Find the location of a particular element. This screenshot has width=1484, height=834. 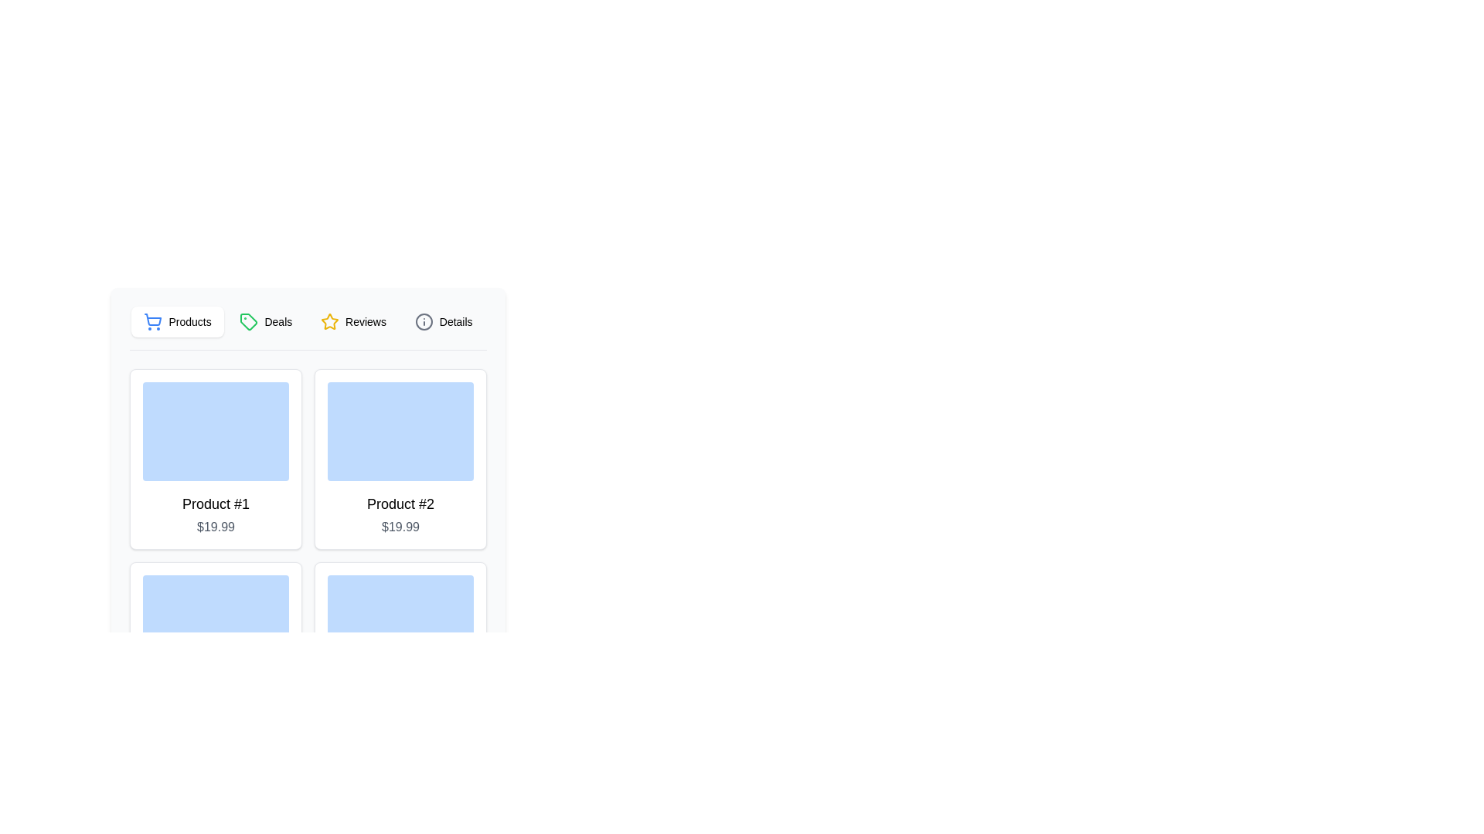

text from the Text label that displays 'Product #1', which is centrally positioned under an image placeholder and above a price label within a card layout is located at coordinates (215, 503).